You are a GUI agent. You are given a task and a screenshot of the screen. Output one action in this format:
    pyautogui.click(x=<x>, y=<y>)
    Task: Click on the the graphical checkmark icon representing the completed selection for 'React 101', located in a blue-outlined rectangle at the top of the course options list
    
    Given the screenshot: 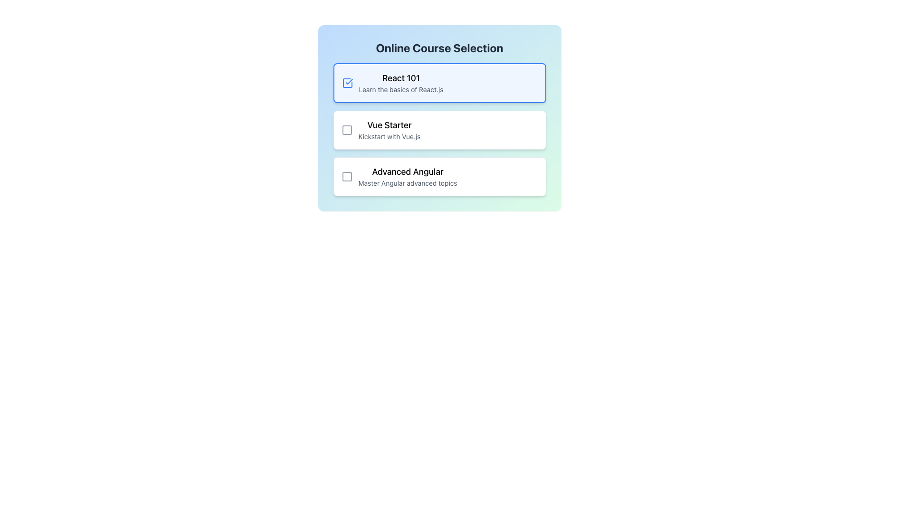 What is the action you would take?
    pyautogui.click(x=348, y=81)
    